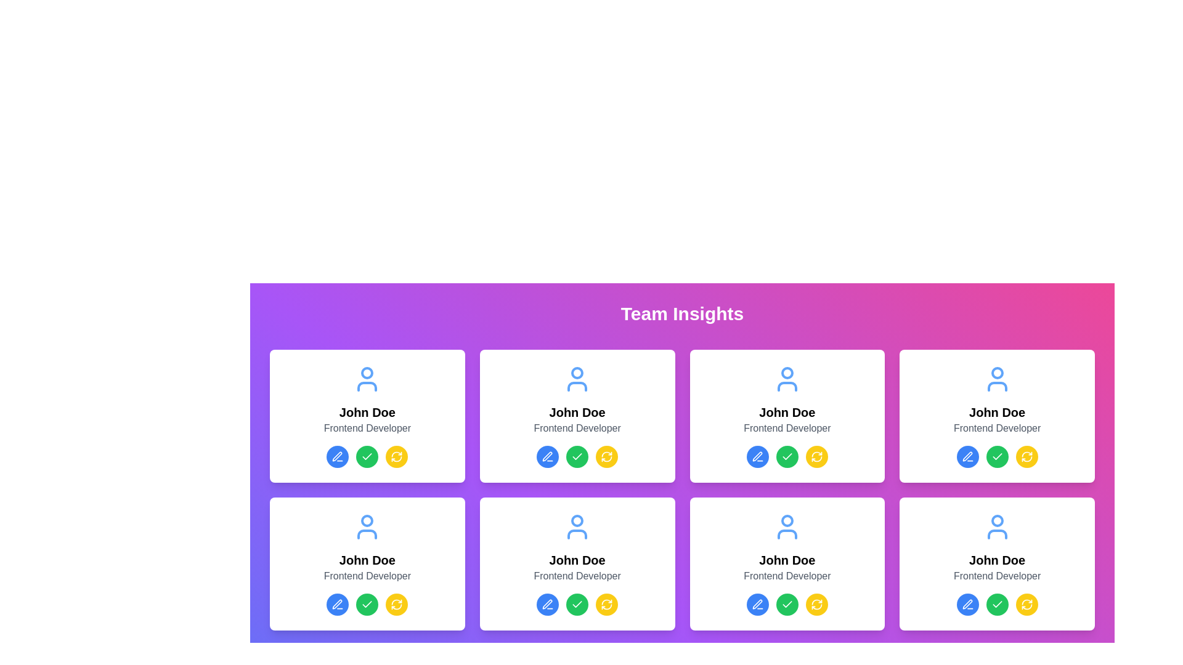 Image resolution: width=1183 pixels, height=665 pixels. I want to click on the 'Edit' button for the associated user's profile, located in the first row and fourth column of the action buttons, so click(967, 456).